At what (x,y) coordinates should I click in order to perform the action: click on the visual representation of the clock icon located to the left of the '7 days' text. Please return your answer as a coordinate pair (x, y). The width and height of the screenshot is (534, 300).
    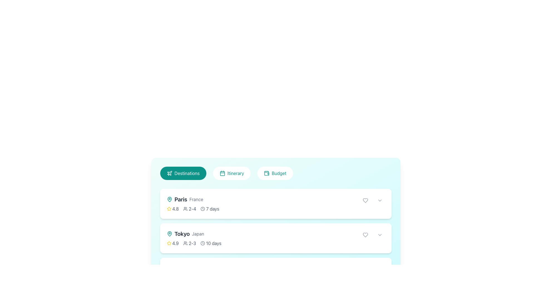
    Looking at the image, I should click on (202, 209).